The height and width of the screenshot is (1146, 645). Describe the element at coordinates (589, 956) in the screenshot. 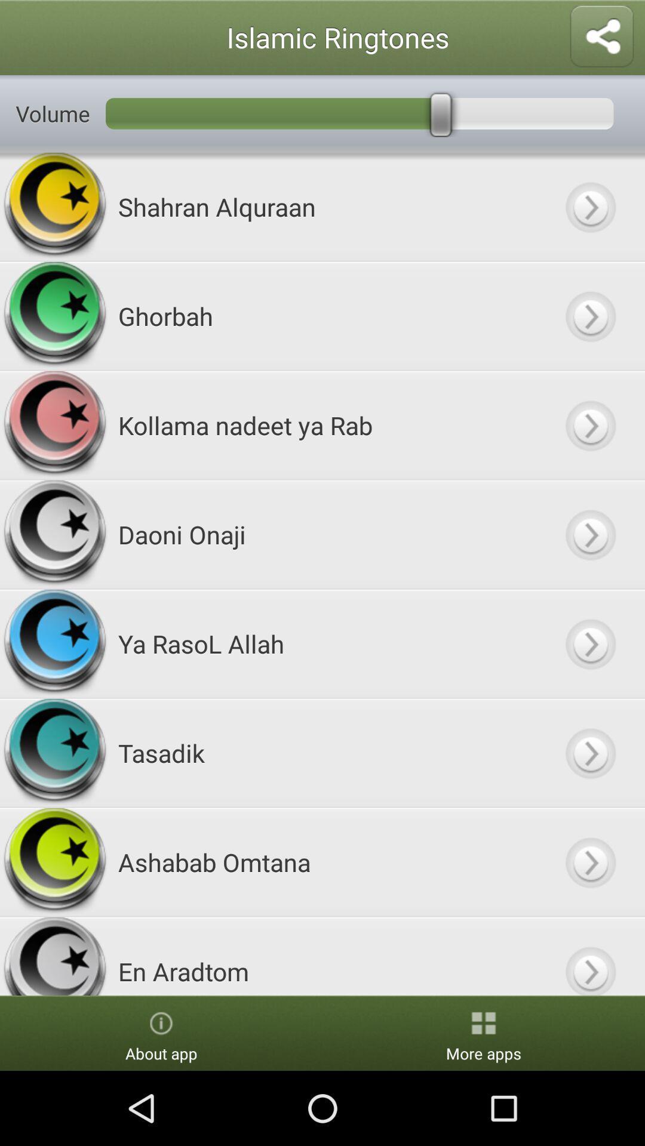

I see `button` at that location.